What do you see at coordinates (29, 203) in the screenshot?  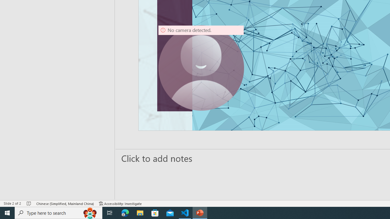 I see `'Spell Check No Errors'` at bounding box center [29, 203].